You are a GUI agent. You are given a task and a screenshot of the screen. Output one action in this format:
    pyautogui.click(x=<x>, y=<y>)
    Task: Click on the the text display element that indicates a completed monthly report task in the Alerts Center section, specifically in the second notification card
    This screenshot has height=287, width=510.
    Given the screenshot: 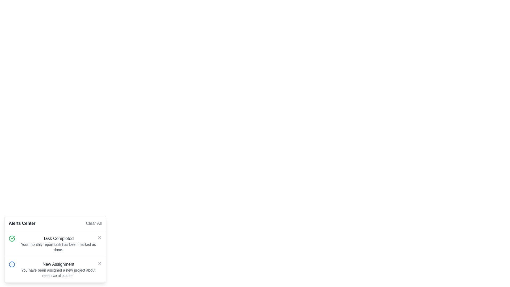 What is the action you would take?
    pyautogui.click(x=58, y=244)
    